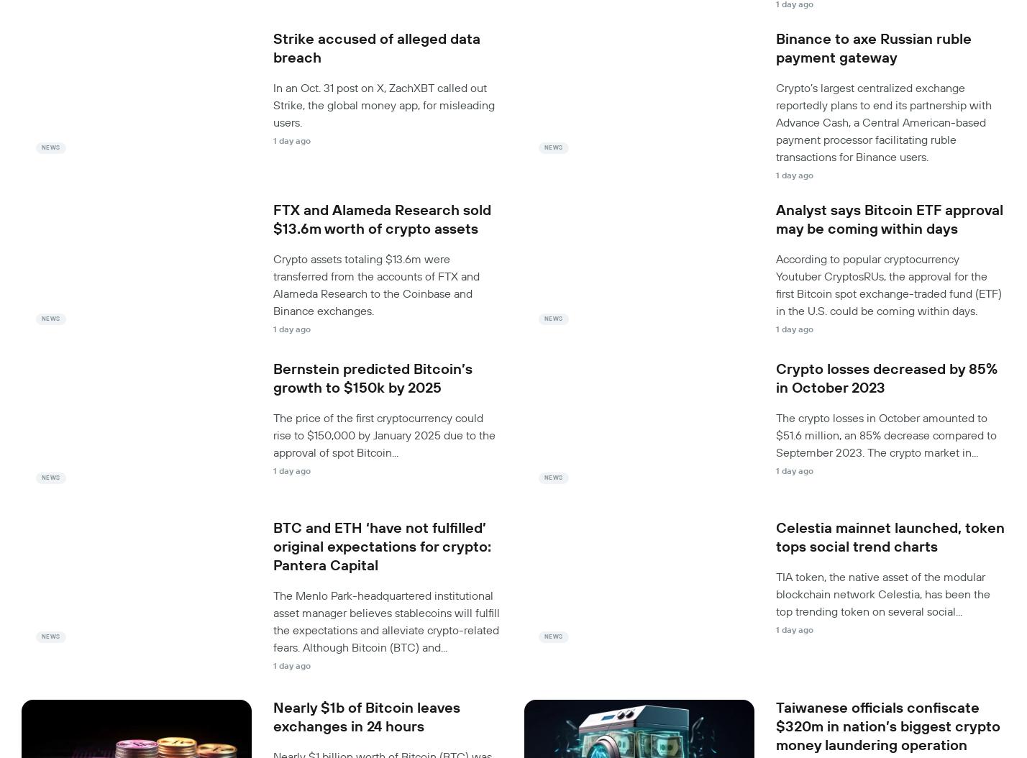 This screenshot has width=1027, height=758. I want to click on 'Celestia mainnet launched, token tops social trend charts', so click(890, 537).